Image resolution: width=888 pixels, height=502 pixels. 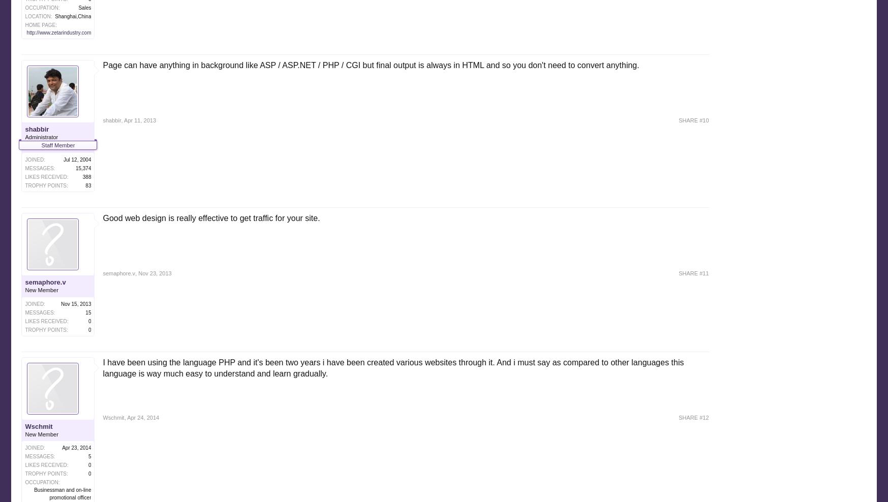 I want to click on 'Nov 23, 2013', so click(x=155, y=272).